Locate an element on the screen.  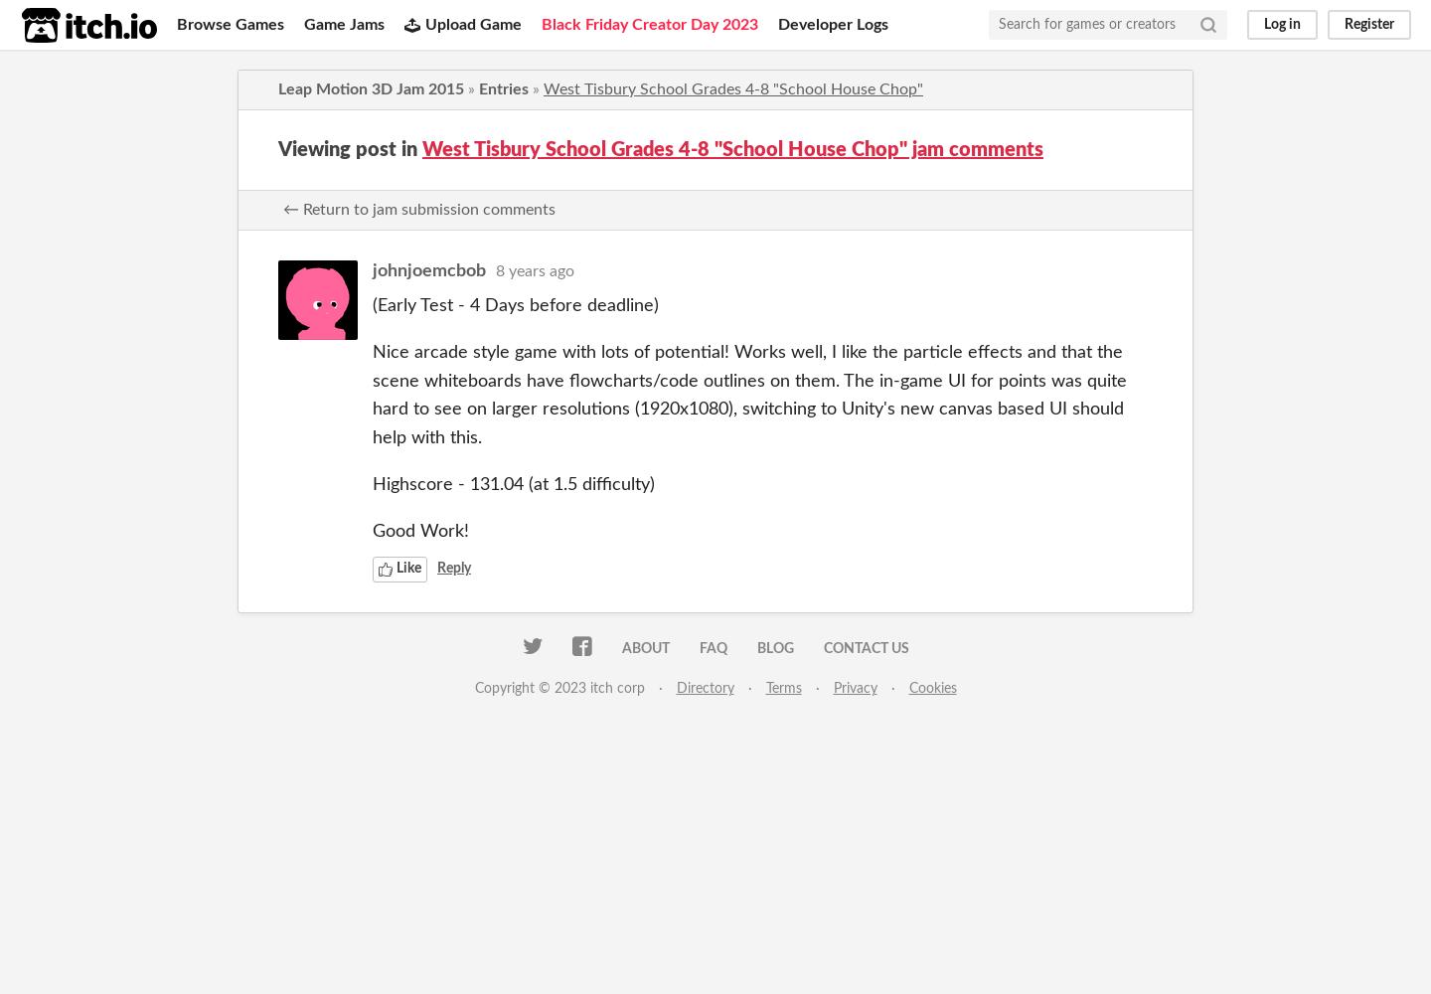
'Highscore - 131.04 (at 1.5 difficulty)' is located at coordinates (512, 483).